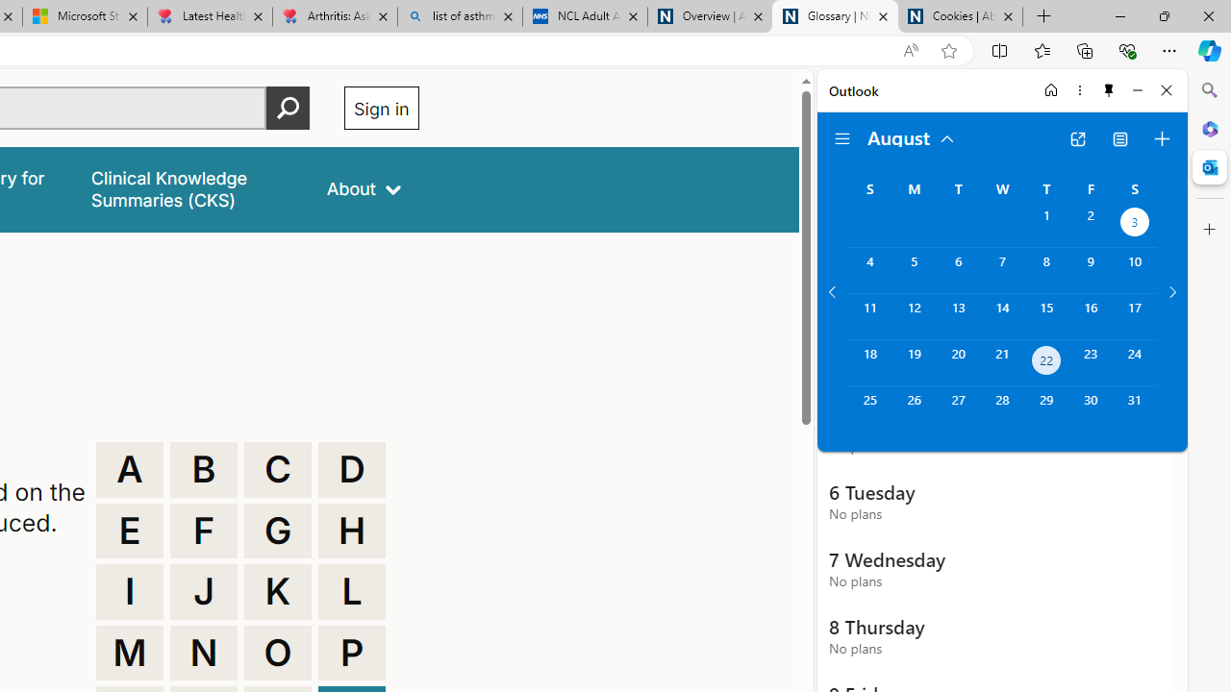  What do you see at coordinates (352, 531) in the screenshot?
I see `'H'` at bounding box center [352, 531].